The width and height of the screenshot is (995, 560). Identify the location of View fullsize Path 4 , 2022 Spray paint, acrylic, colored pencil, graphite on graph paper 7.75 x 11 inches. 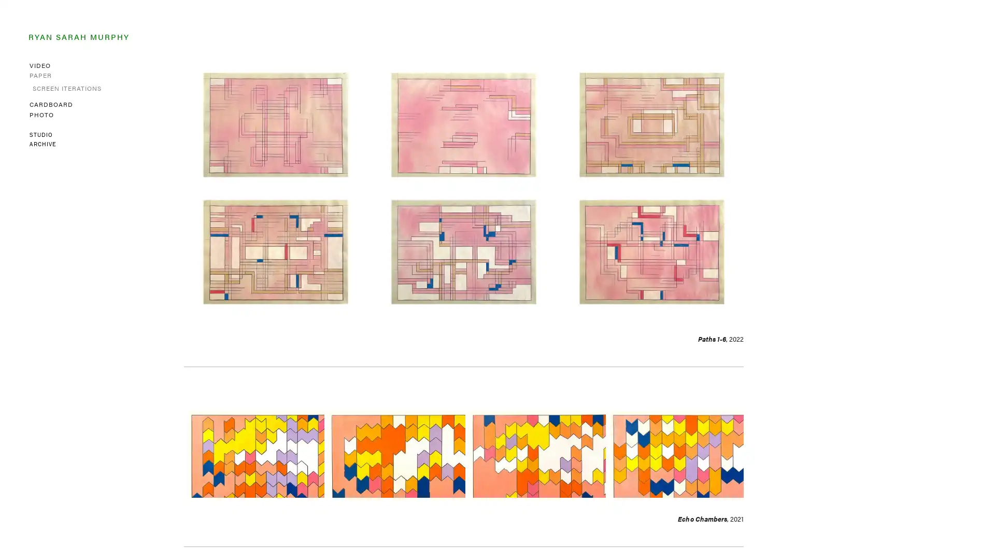
(276, 251).